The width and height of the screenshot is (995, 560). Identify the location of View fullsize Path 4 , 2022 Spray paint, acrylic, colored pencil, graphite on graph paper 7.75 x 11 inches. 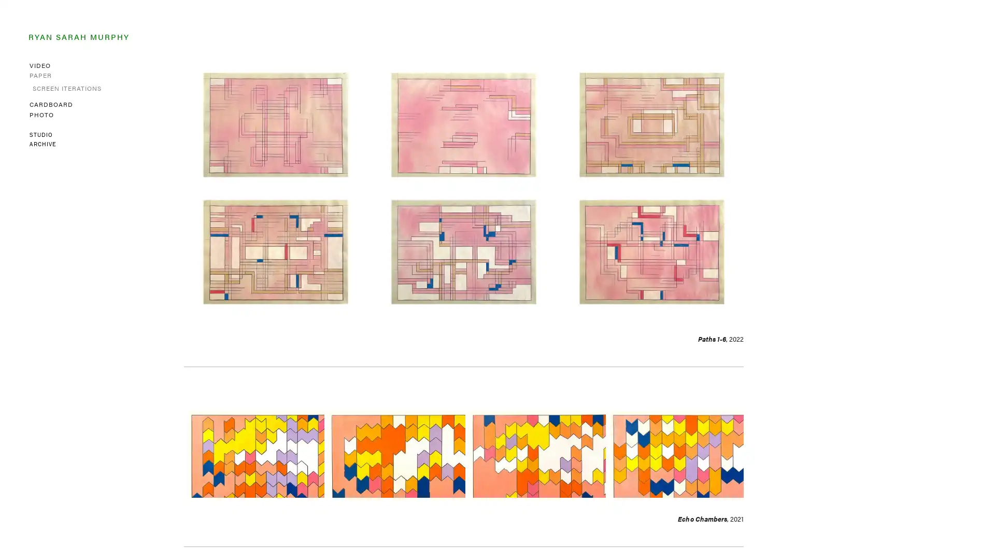
(276, 251).